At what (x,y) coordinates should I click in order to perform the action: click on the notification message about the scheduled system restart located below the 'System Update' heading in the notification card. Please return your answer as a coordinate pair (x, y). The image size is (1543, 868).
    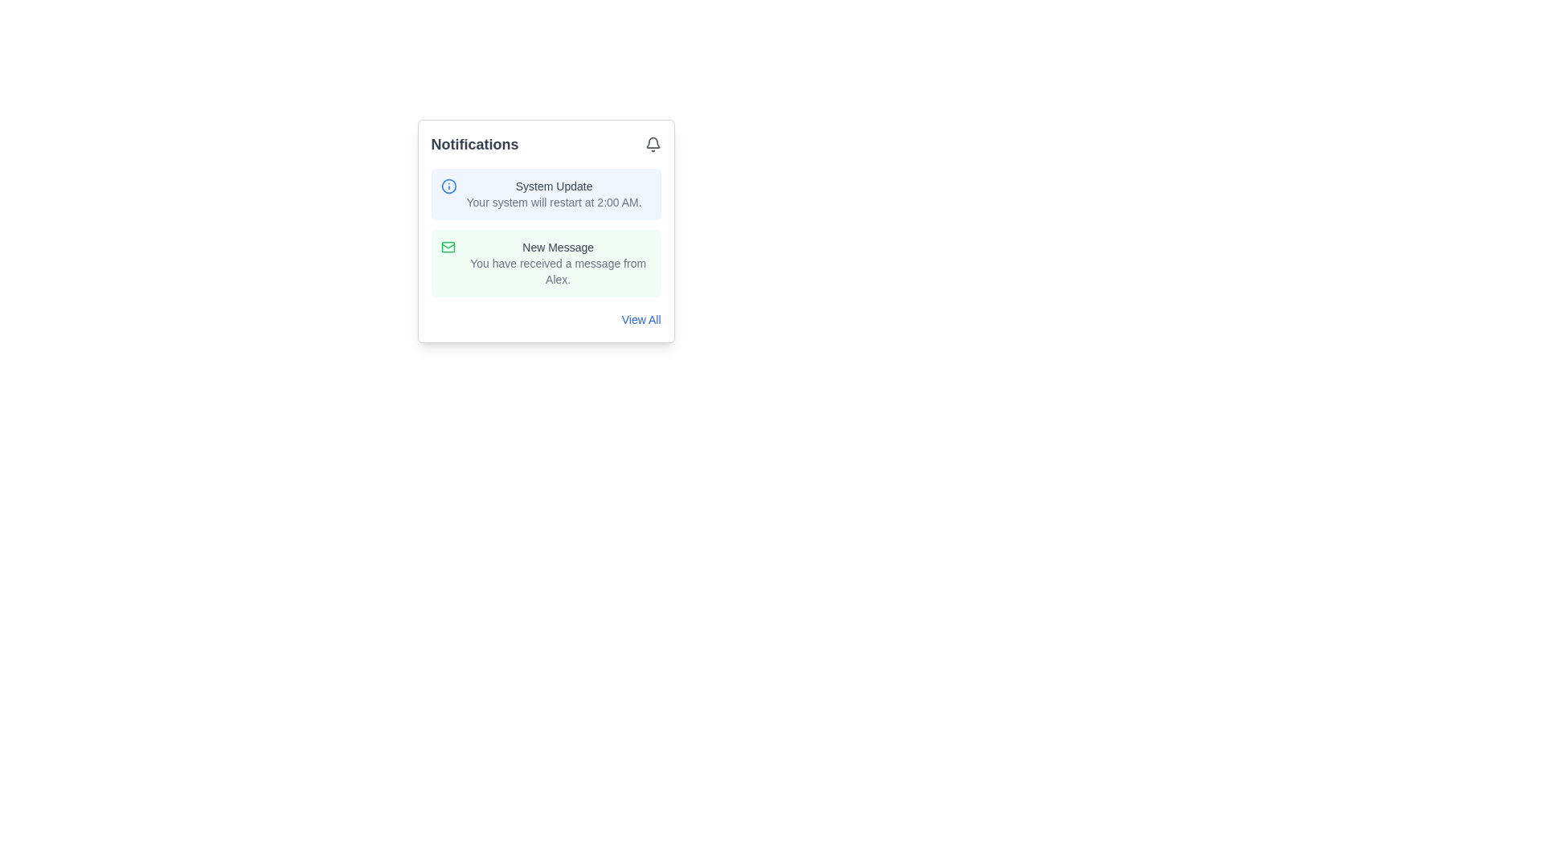
    Looking at the image, I should click on (554, 201).